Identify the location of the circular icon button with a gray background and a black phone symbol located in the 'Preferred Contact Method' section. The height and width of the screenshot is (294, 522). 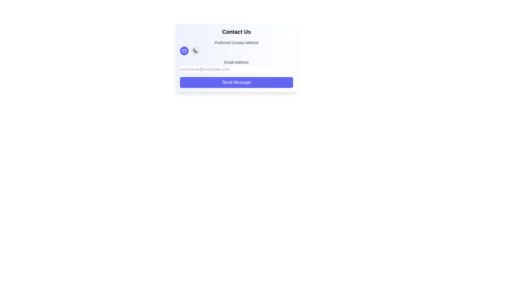
(195, 51).